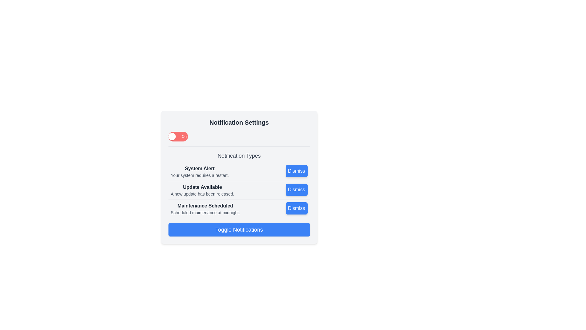 The width and height of the screenshot is (586, 330). Describe the element at coordinates (239, 190) in the screenshot. I see `the 'Dismiss' button on the second notification entry titled 'Update Available'` at that location.